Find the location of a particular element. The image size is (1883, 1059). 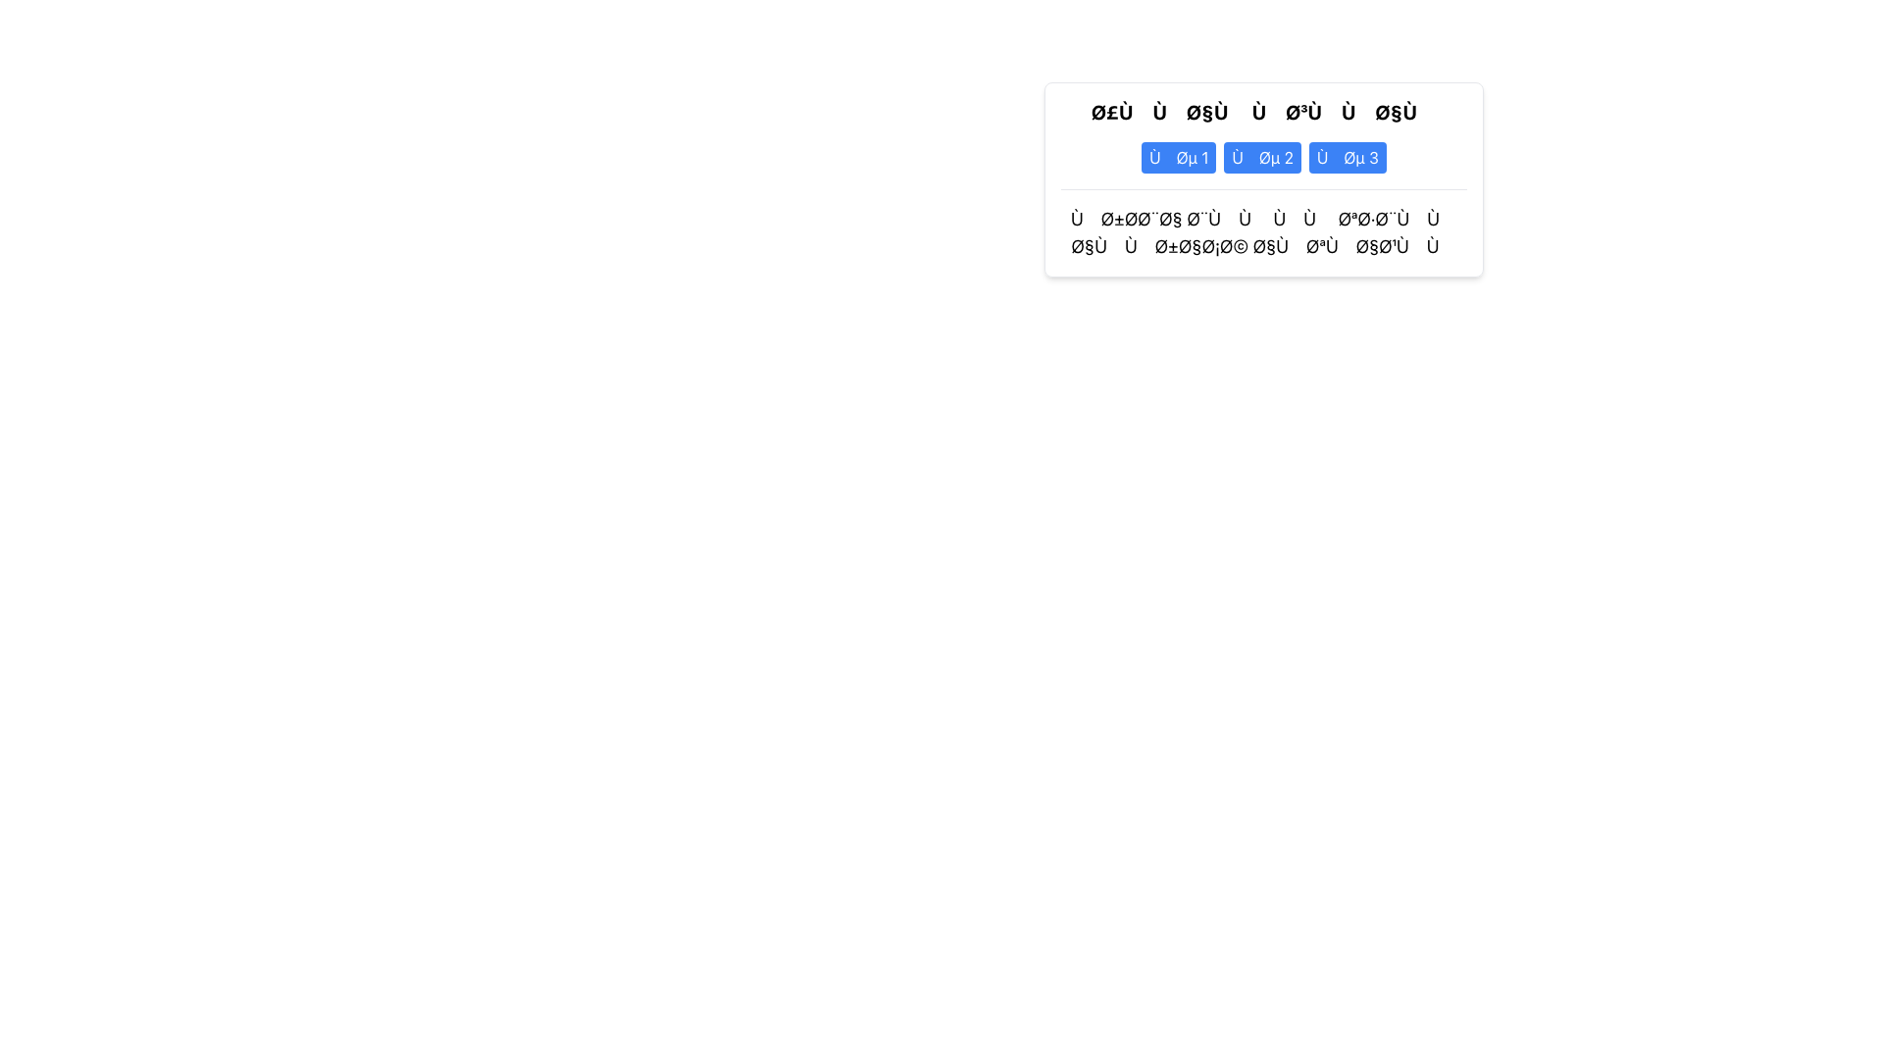

the blue button with rounded edges that contains Arabic text, which is the second button in a group of three identical buttons arranged horizontally is located at coordinates (1264, 157).